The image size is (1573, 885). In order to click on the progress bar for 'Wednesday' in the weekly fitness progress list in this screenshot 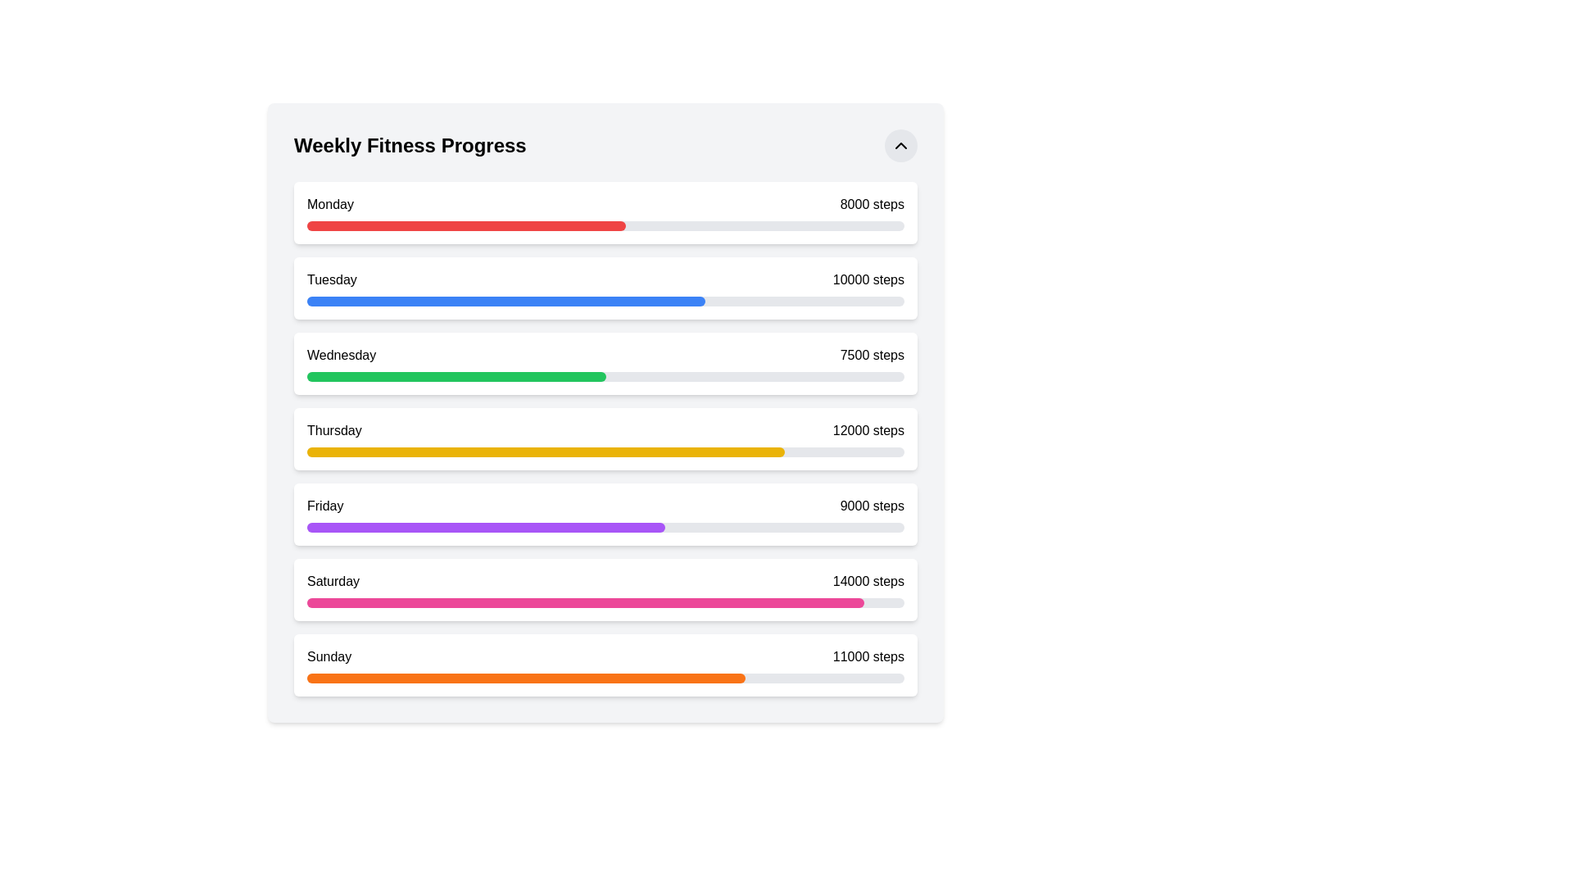, I will do `click(605, 376)`.